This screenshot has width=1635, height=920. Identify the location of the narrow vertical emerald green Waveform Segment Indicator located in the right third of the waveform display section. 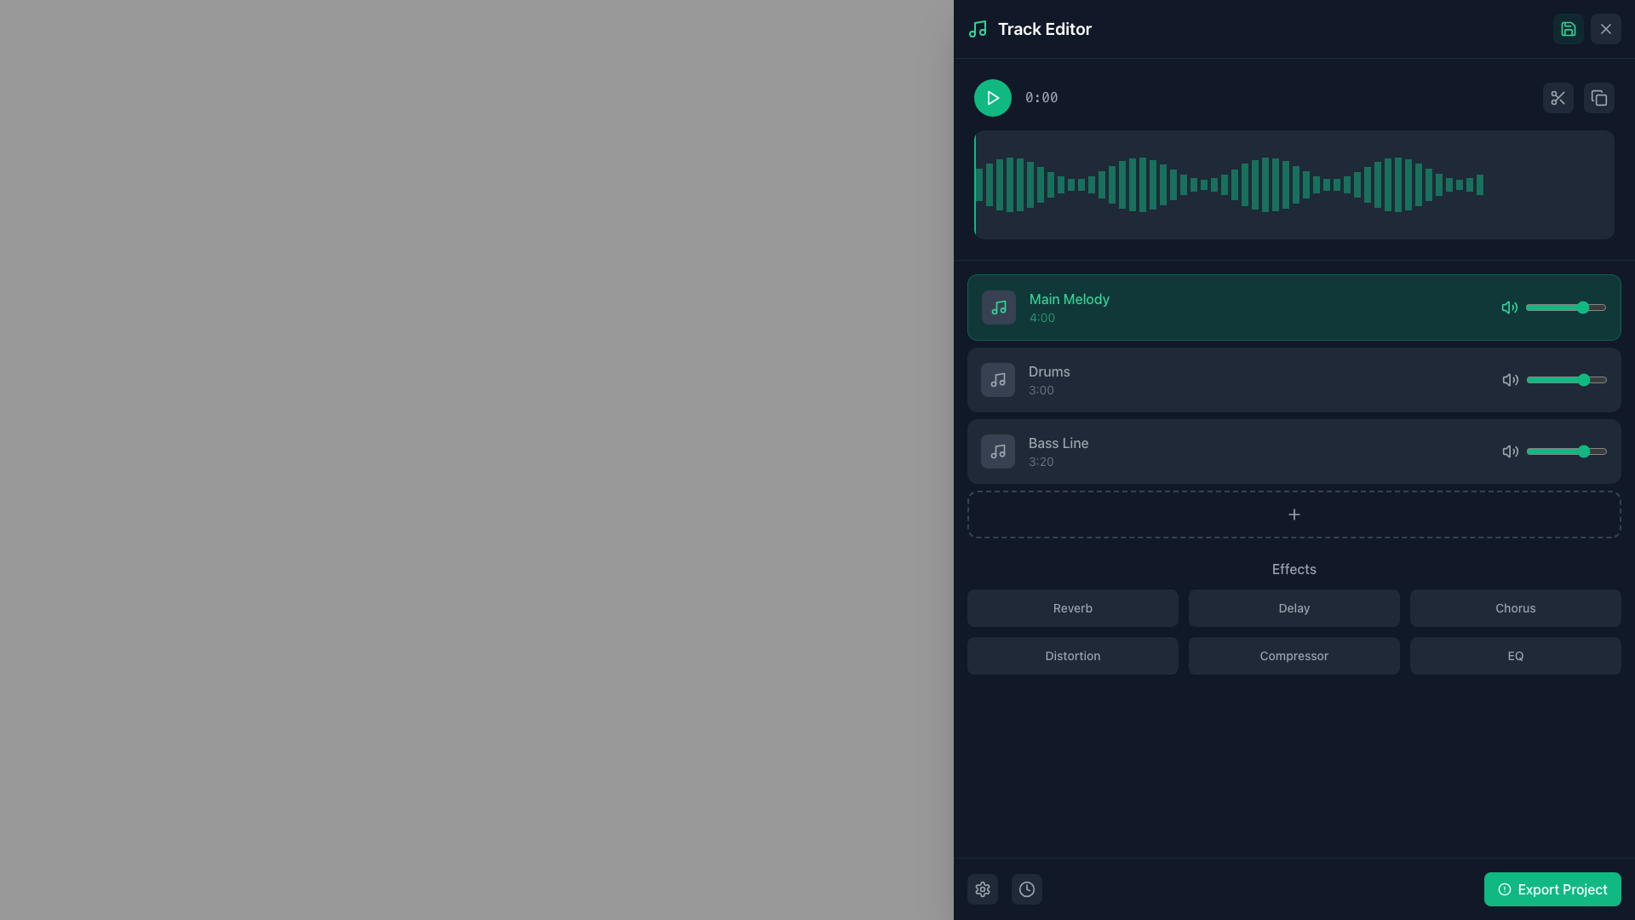
(1388, 184).